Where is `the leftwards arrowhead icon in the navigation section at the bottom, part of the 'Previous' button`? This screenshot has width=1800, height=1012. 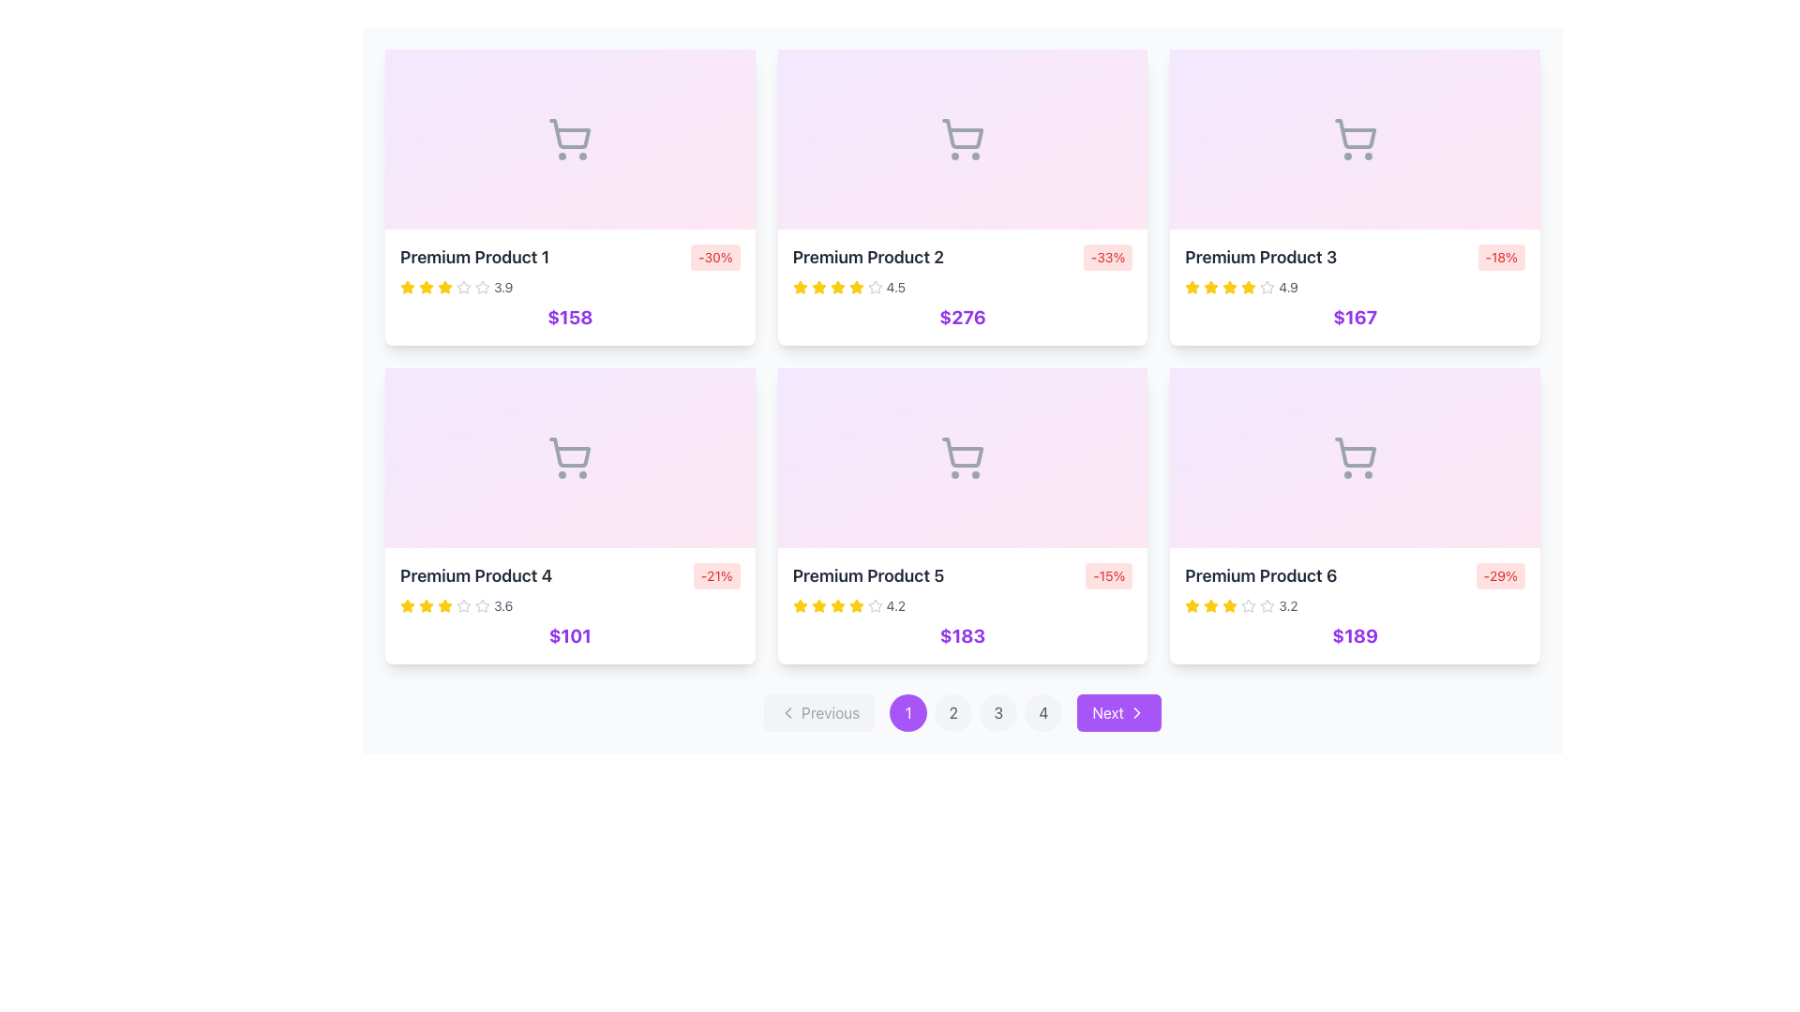
the leftwards arrowhead icon in the navigation section at the bottom, part of the 'Previous' button is located at coordinates (787, 712).